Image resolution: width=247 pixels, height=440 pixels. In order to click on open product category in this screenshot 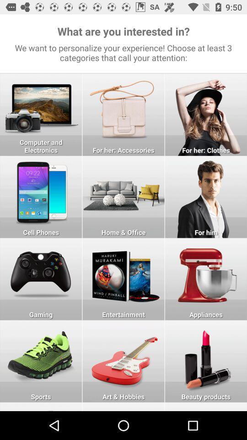, I will do `click(40, 197)`.